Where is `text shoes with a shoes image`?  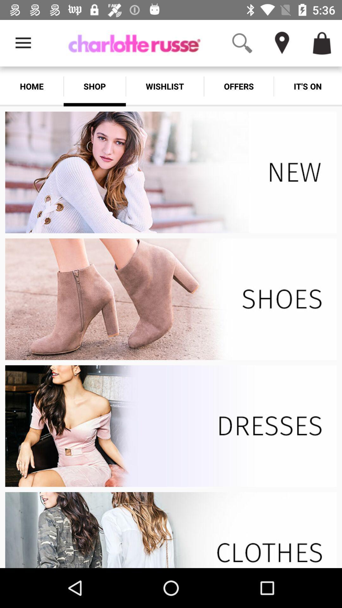
text shoes with a shoes image is located at coordinates (171, 299).